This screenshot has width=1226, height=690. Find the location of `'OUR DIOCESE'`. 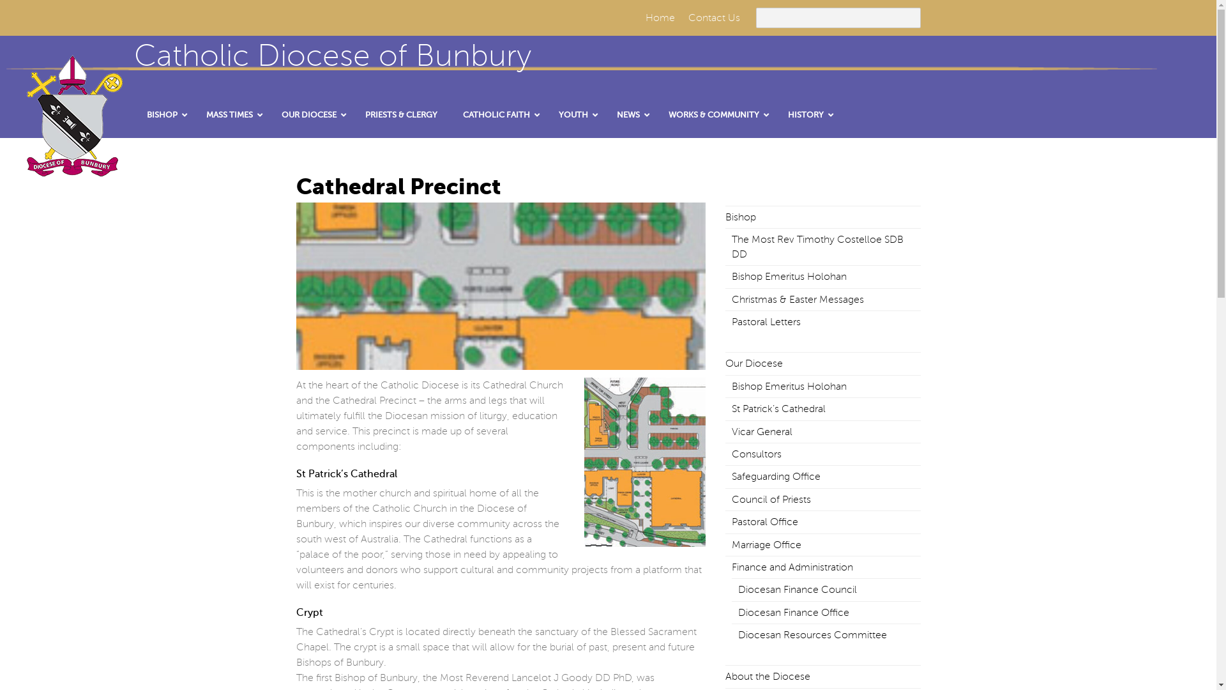

'OUR DIOCESE' is located at coordinates (310, 114).